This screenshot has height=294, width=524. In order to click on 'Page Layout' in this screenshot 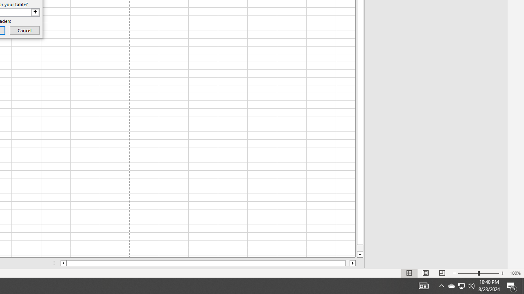, I will do `click(426, 273)`.